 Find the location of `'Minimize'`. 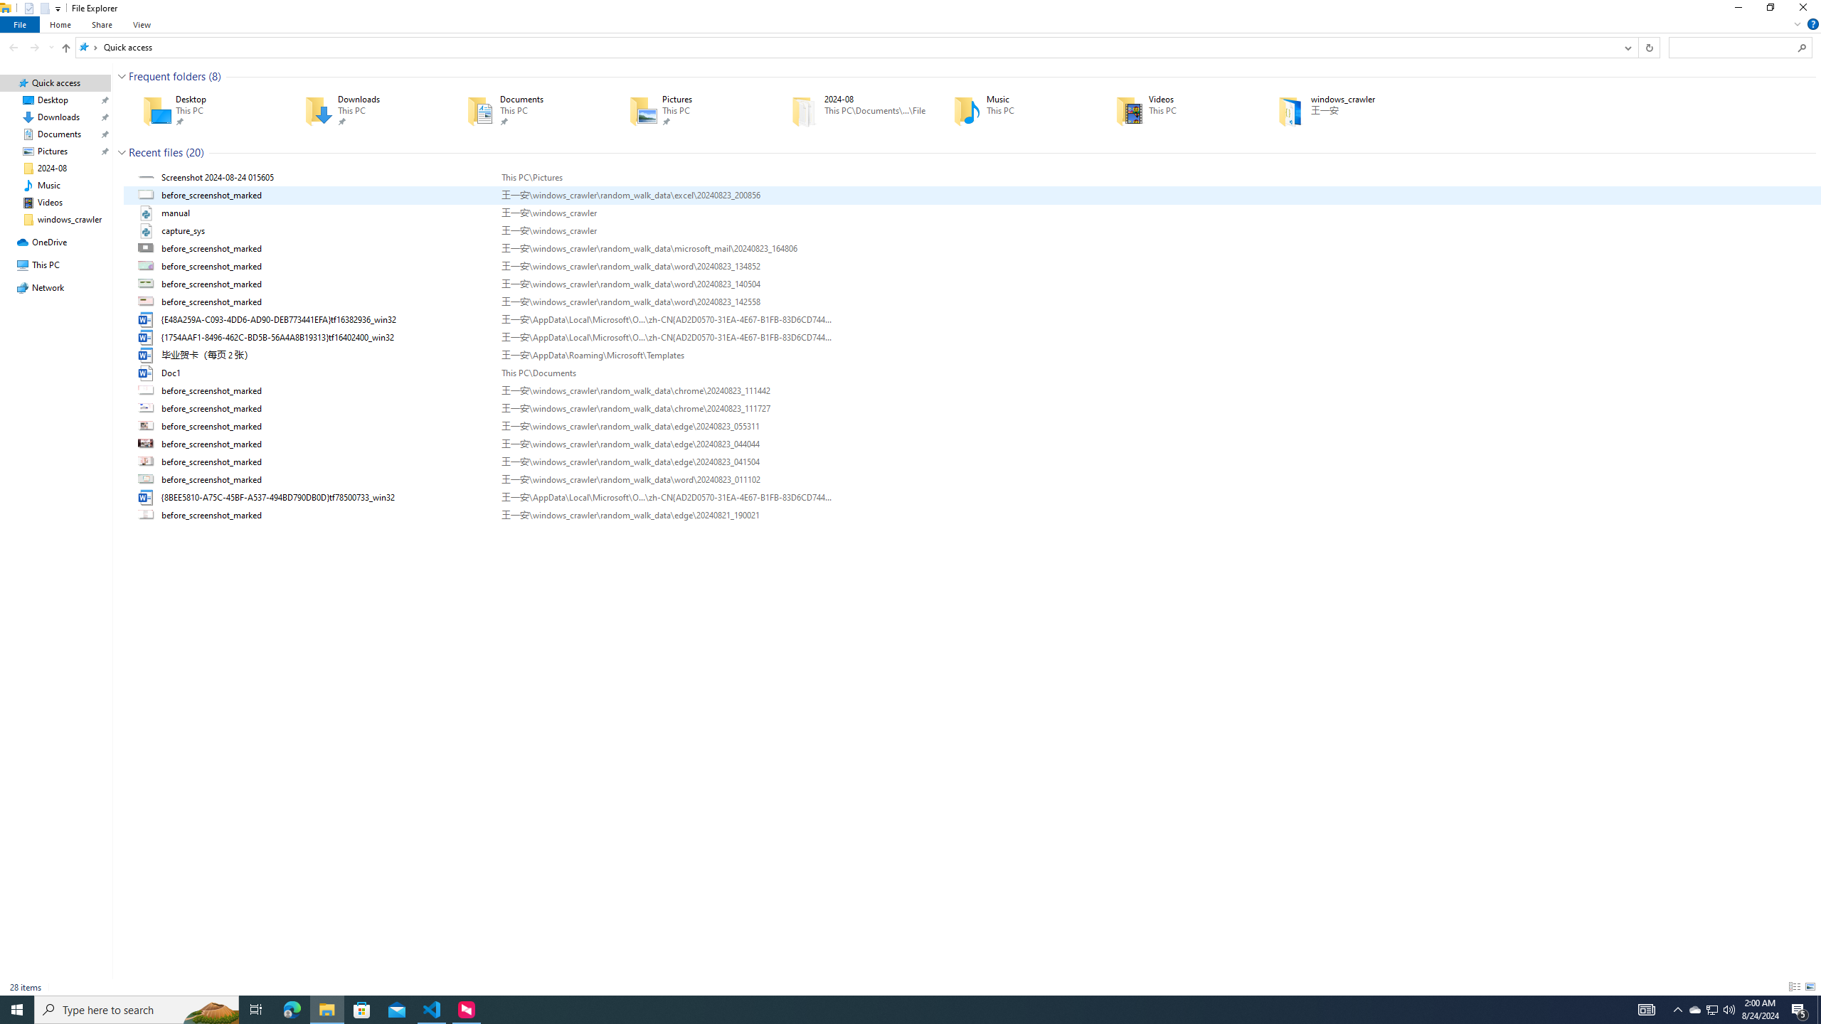

'Minimize' is located at coordinates (1736, 11).